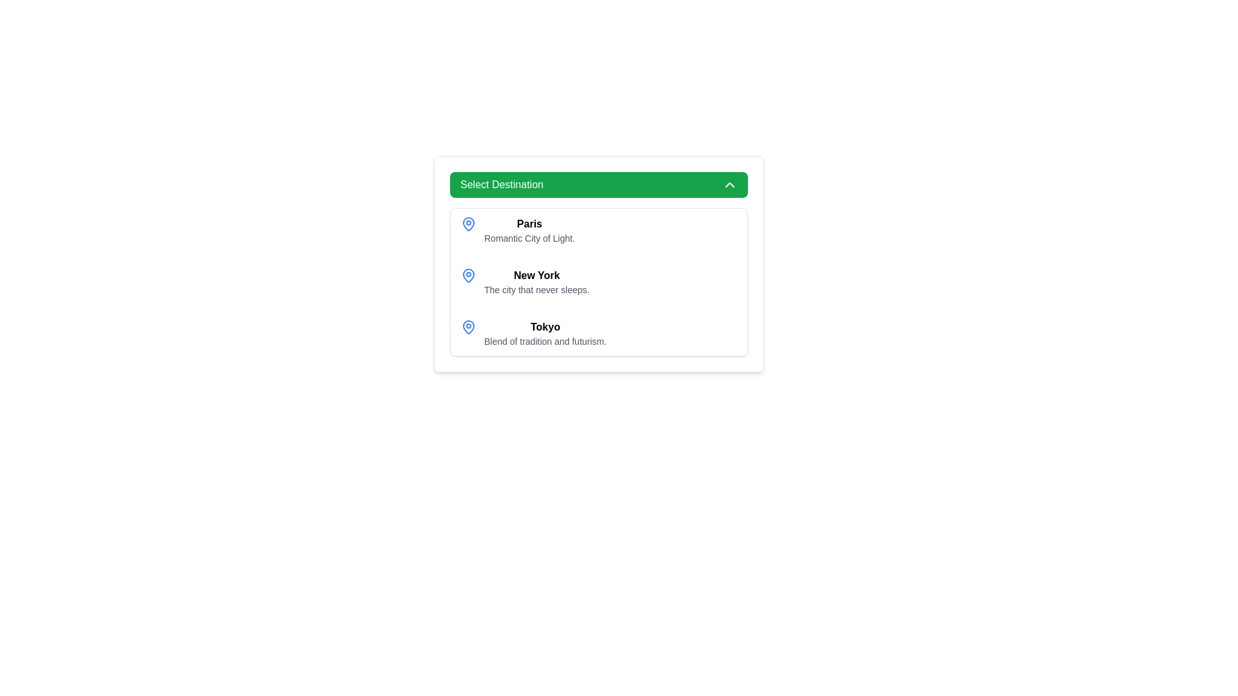 The height and width of the screenshot is (696, 1238). What do you see at coordinates (467, 275) in the screenshot?
I see `the blue map pin icon next to the text 'New York' in the dropdown menu` at bounding box center [467, 275].